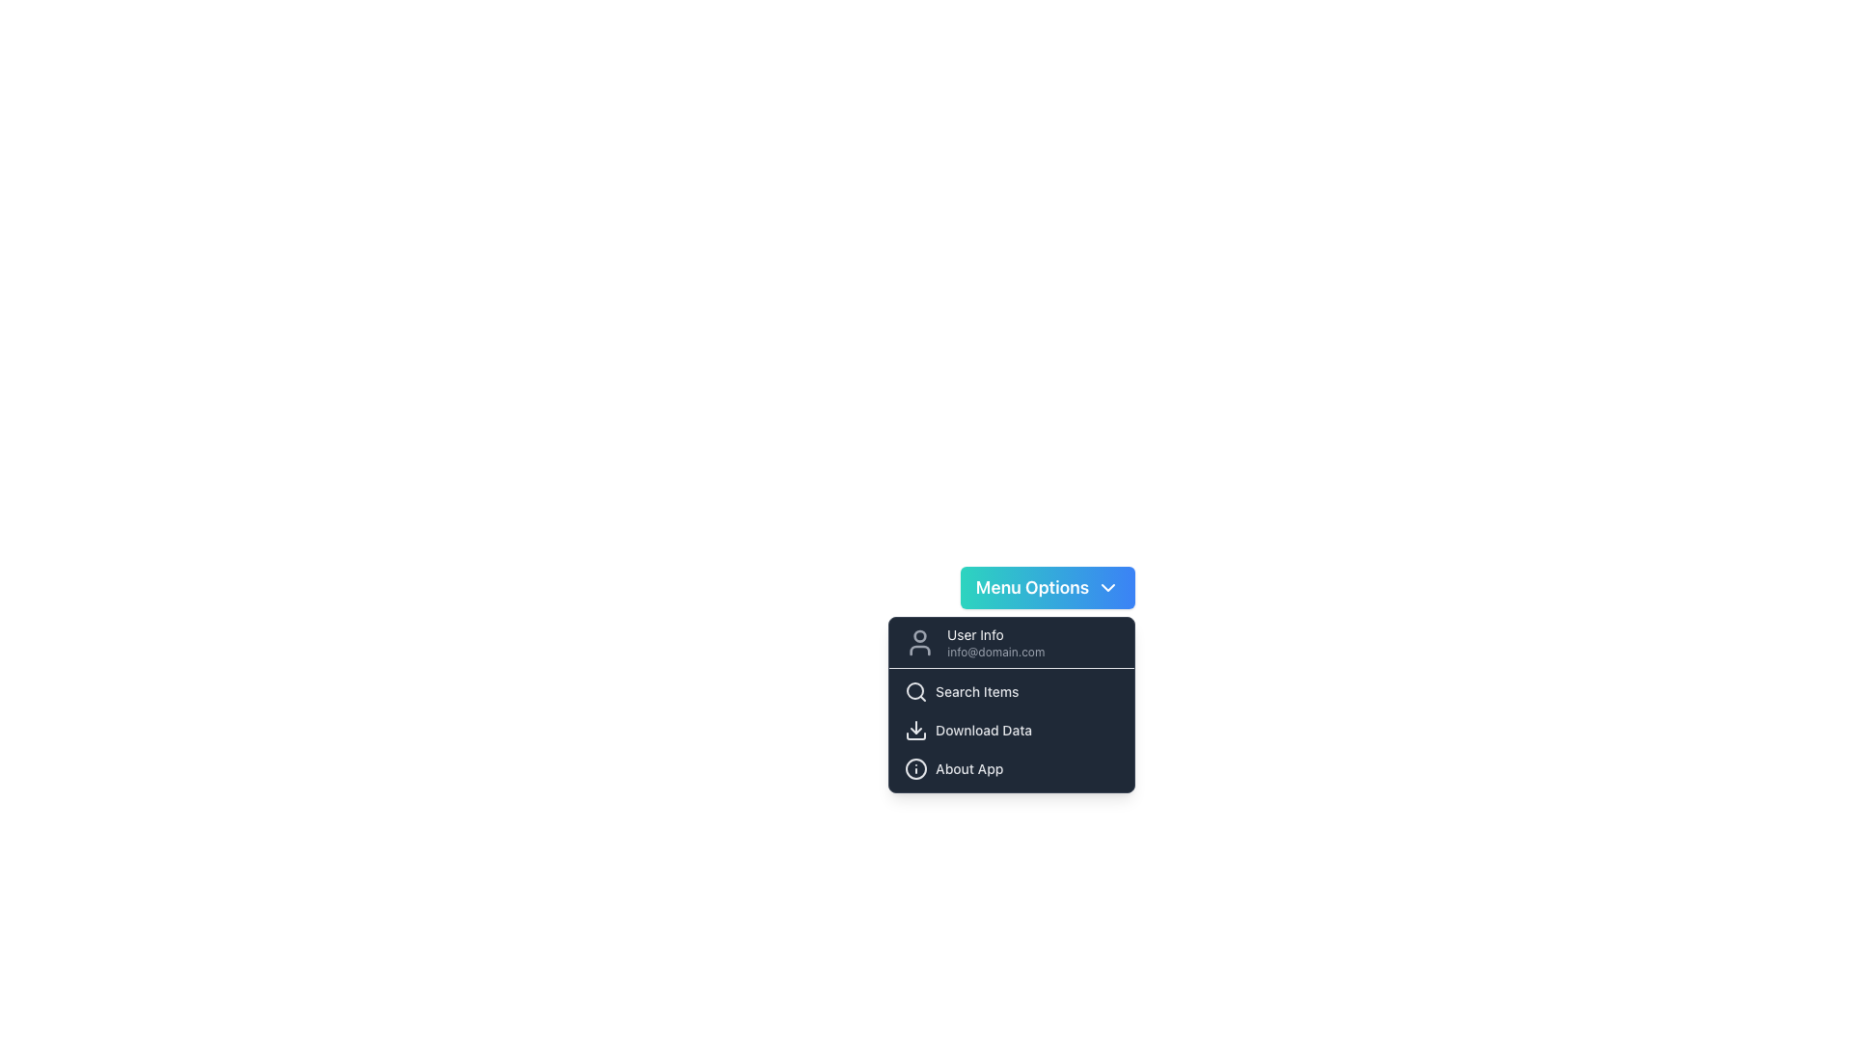  Describe the element at coordinates (915, 768) in the screenshot. I see `the circular icon with a border that contains a vertical line and a dot above it, located at the leftmost part of the 'About App' menu item at the bottom of the menu` at that location.